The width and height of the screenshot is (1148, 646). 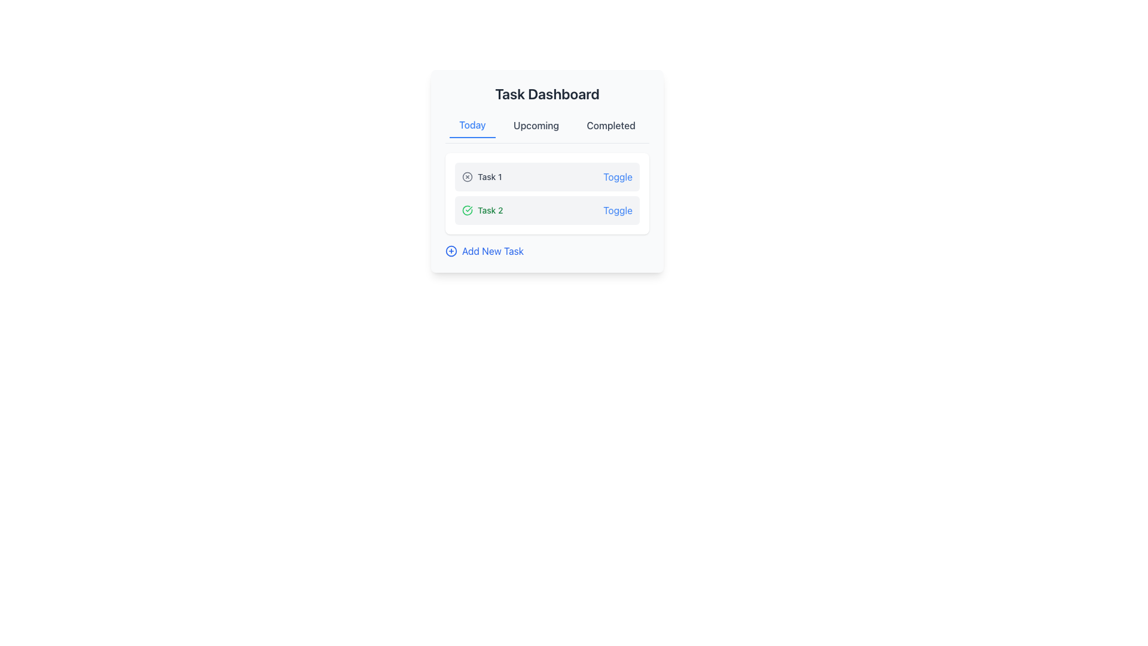 I want to click on the task status icon located to the left of the 'Task 1' description, so click(x=467, y=177).